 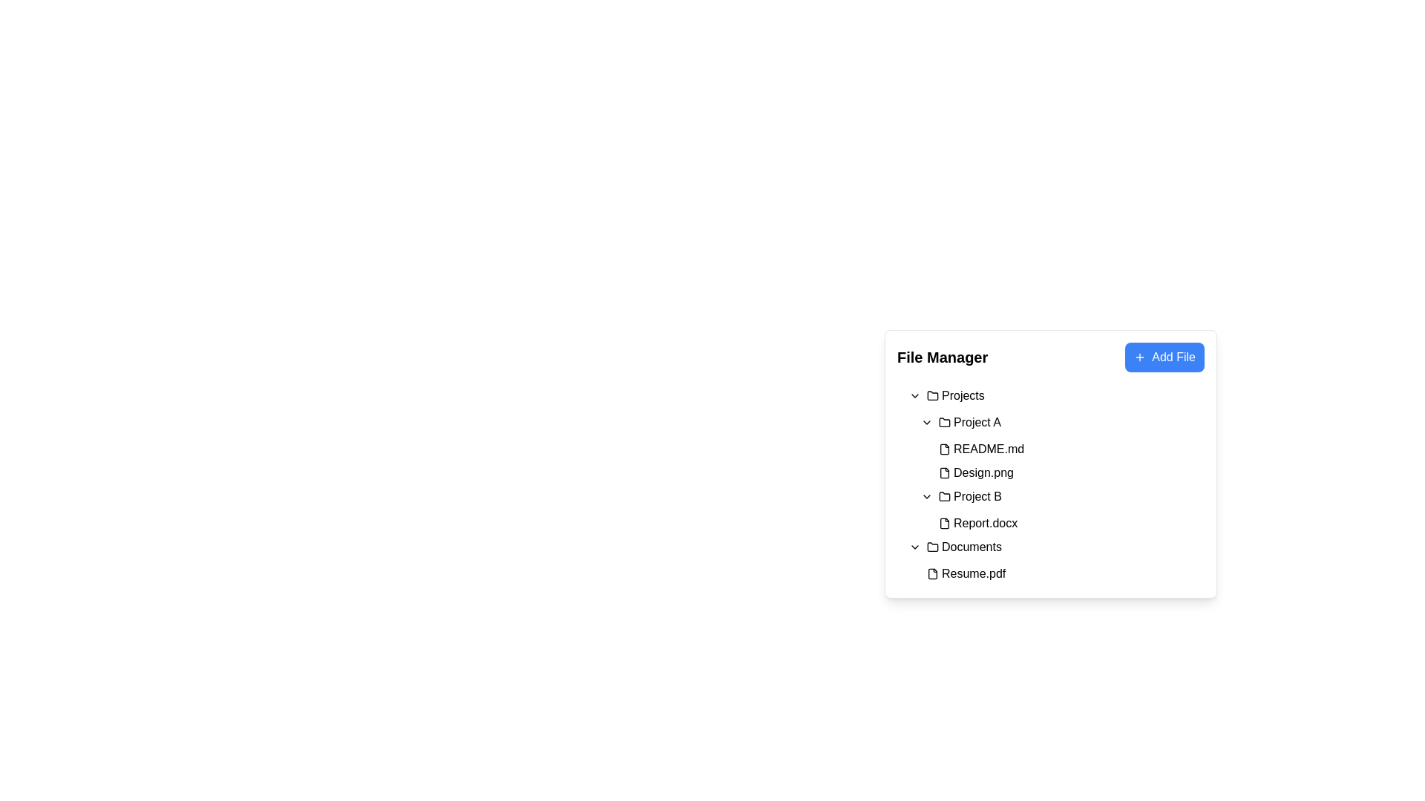 What do you see at coordinates (974, 573) in the screenshot?
I see `the text label indicating the file 'Resume.pdf'` at bounding box center [974, 573].